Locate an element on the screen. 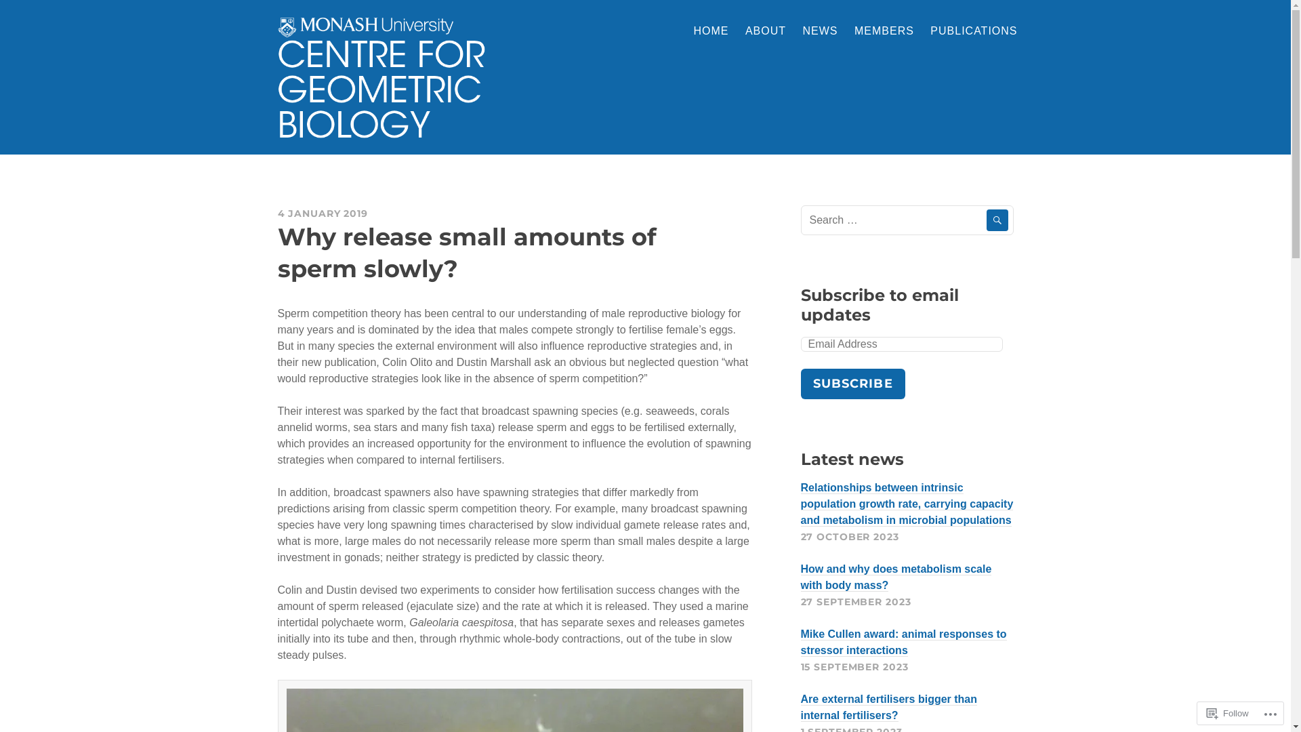 This screenshot has width=1301, height=732. 'MEMBERS' is located at coordinates (884, 32).